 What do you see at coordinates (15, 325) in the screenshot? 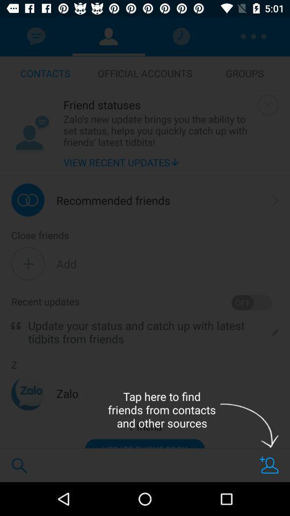
I see `item next to the update your status` at bounding box center [15, 325].